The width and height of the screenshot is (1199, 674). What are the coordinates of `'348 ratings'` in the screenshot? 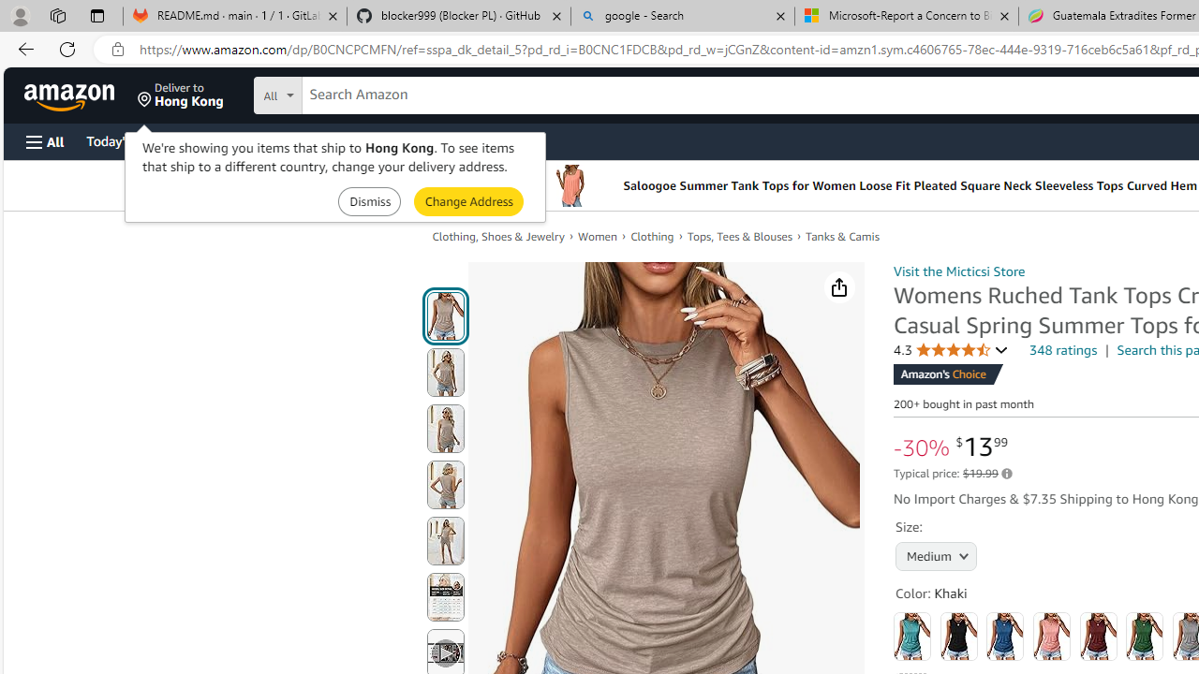 It's located at (1064, 350).